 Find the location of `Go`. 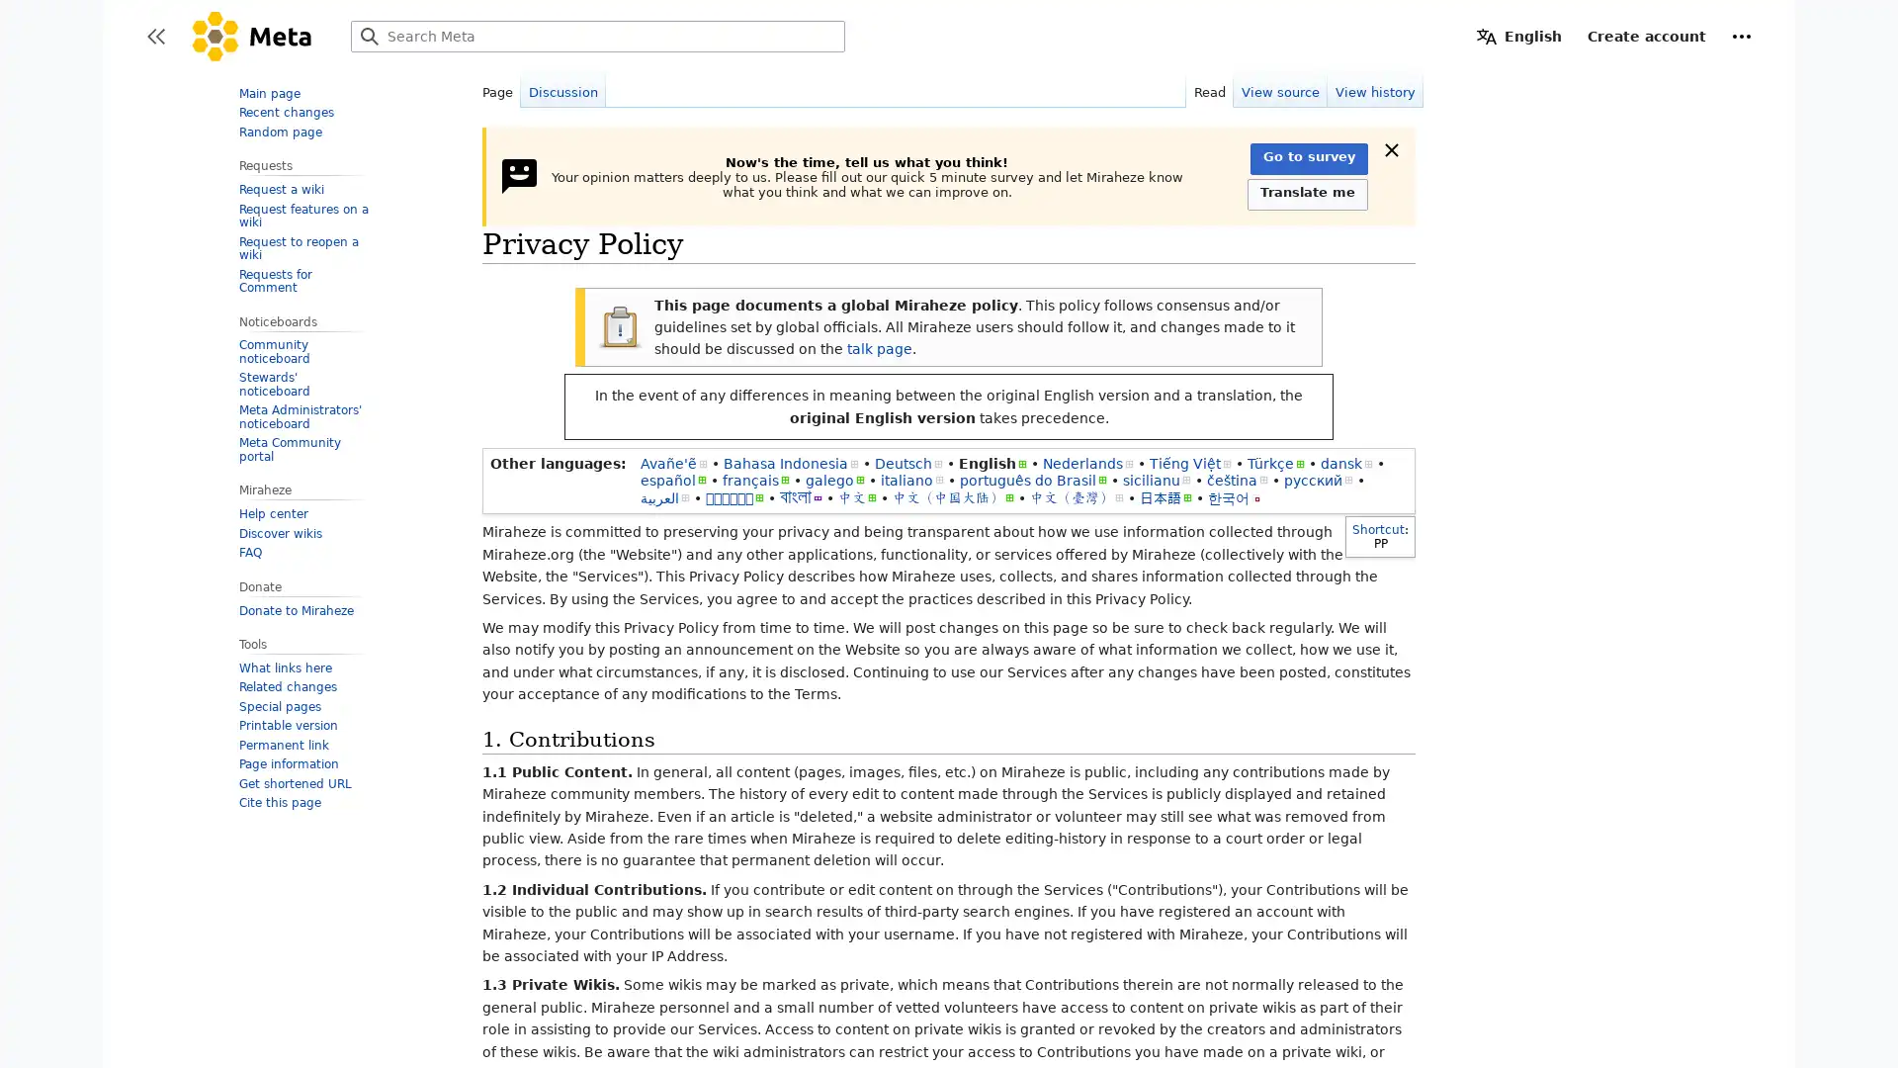

Go is located at coordinates (370, 37).